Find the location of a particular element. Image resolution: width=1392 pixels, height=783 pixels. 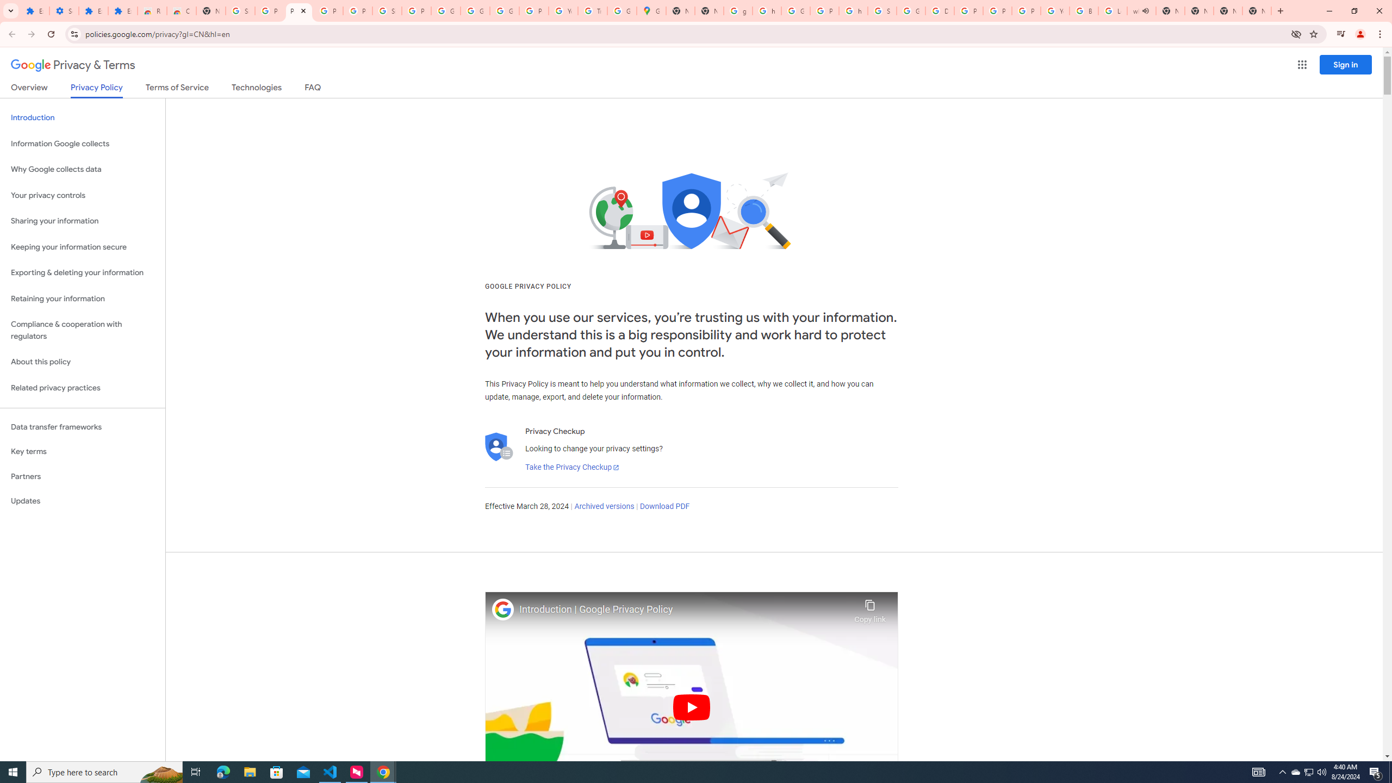

'Privacy Help Center - Policies Help' is located at coordinates (968, 10).